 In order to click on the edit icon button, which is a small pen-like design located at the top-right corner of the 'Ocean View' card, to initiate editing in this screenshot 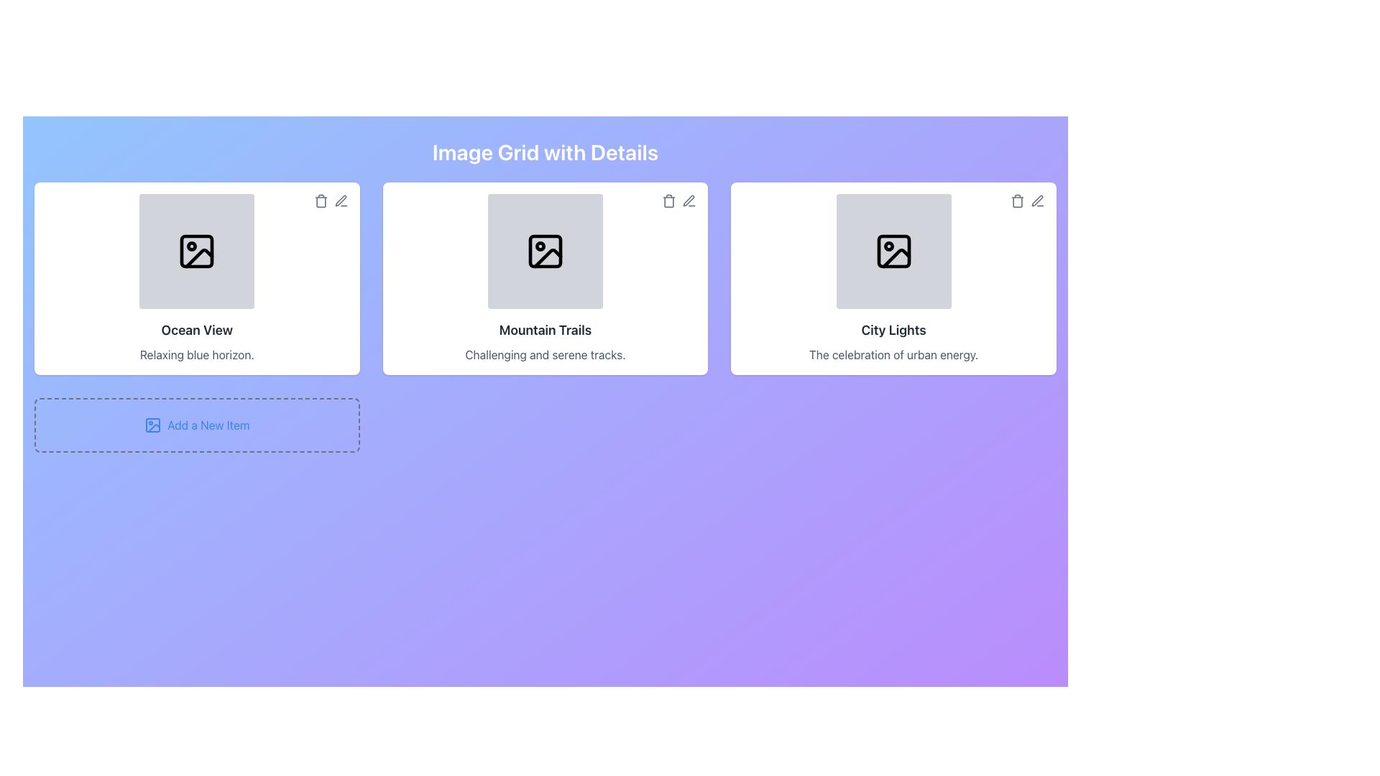, I will do `click(340, 200)`.